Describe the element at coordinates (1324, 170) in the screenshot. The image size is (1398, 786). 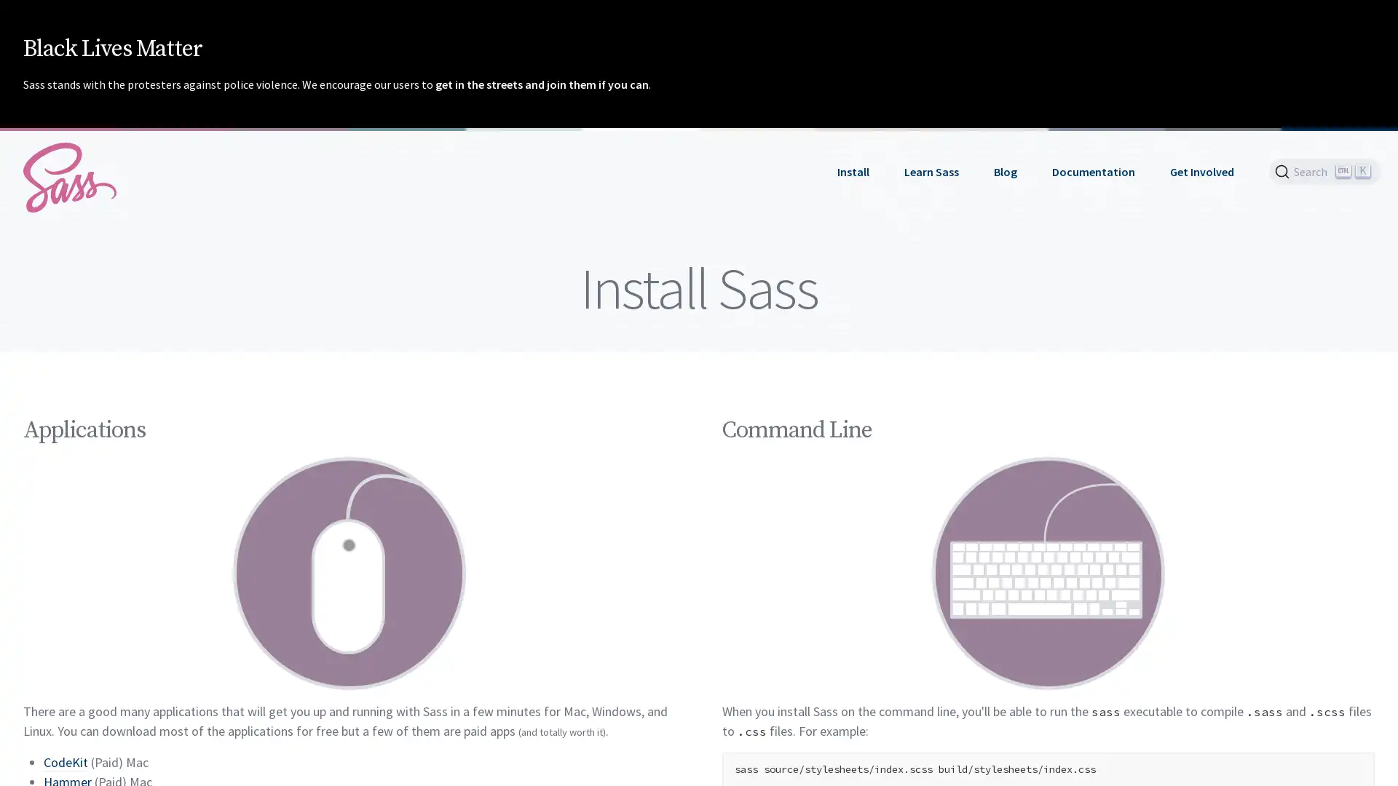
I see `Search` at that location.